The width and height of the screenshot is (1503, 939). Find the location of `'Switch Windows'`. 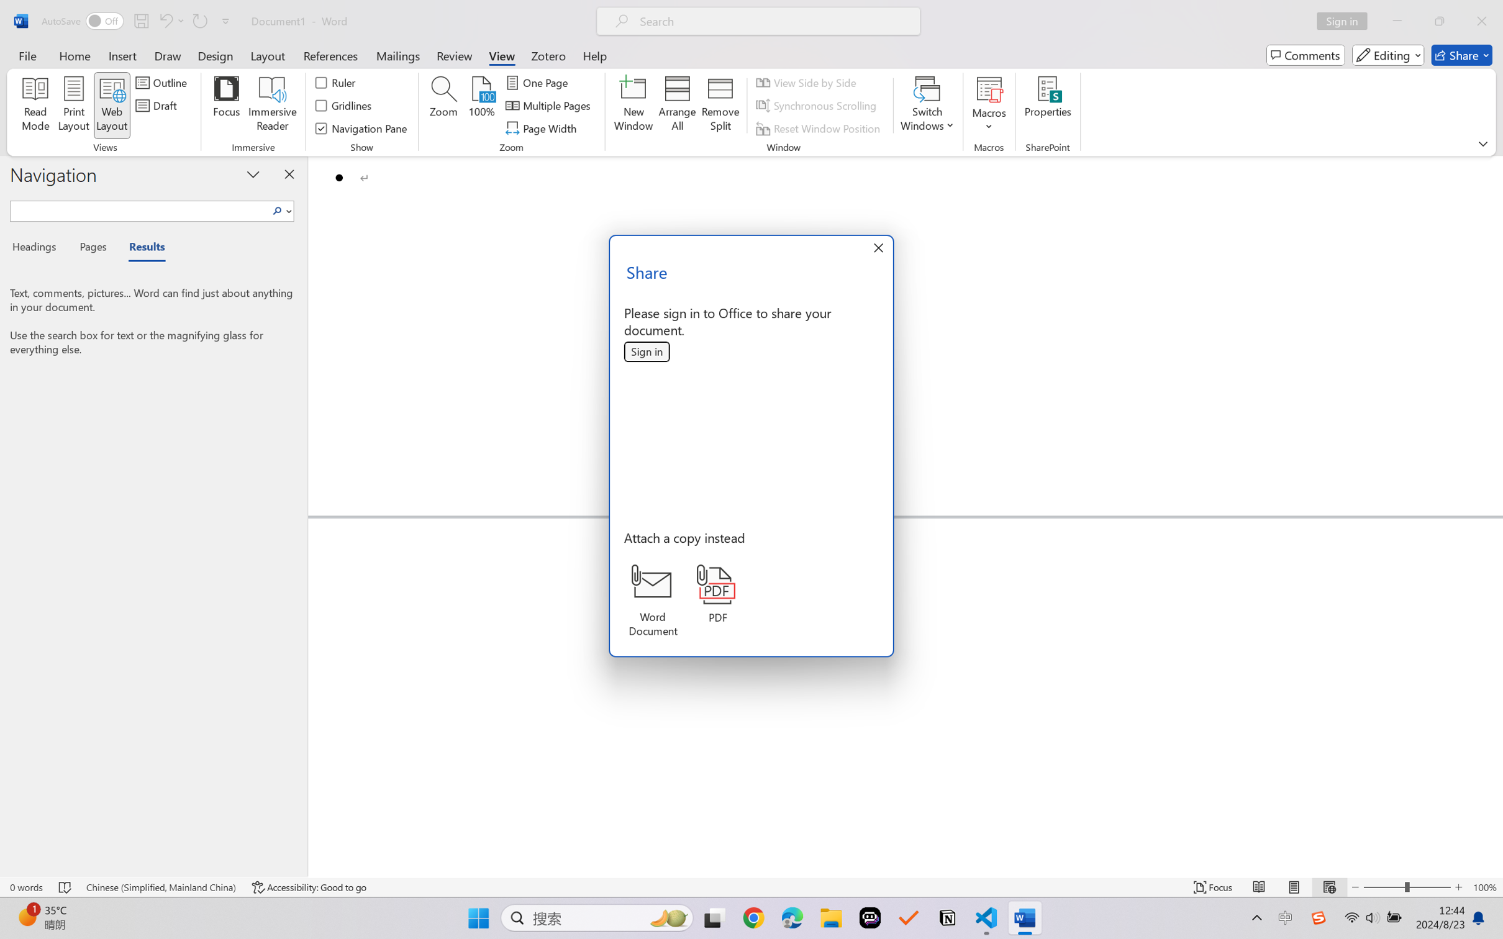

'Switch Windows' is located at coordinates (927, 106).